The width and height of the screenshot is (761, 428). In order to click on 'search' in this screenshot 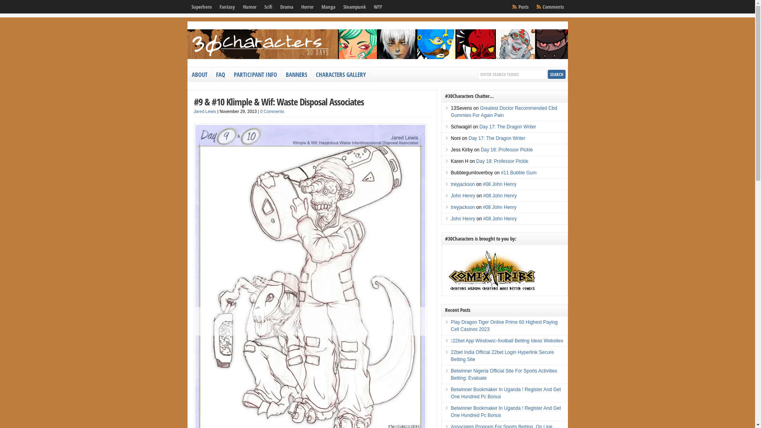, I will do `click(547, 74)`.